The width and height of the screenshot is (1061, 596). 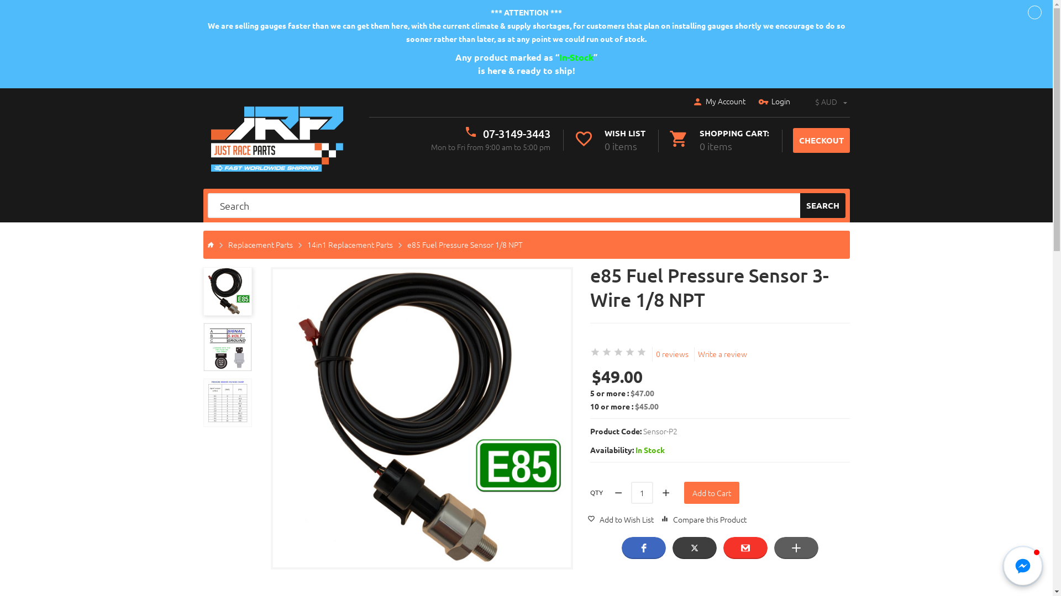 I want to click on 'Replacement Parts', so click(x=259, y=244).